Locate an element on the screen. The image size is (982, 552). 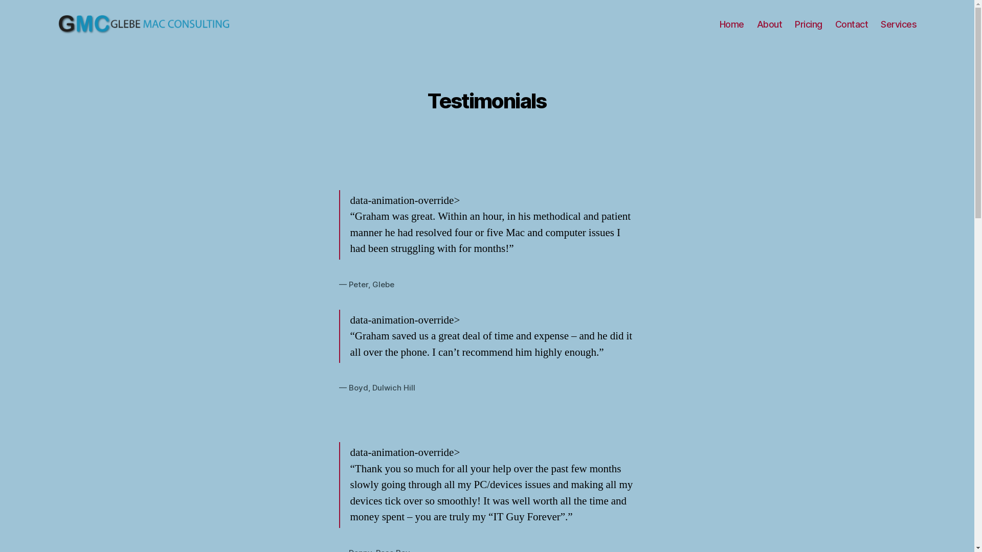
'Contact' is located at coordinates (852, 24).